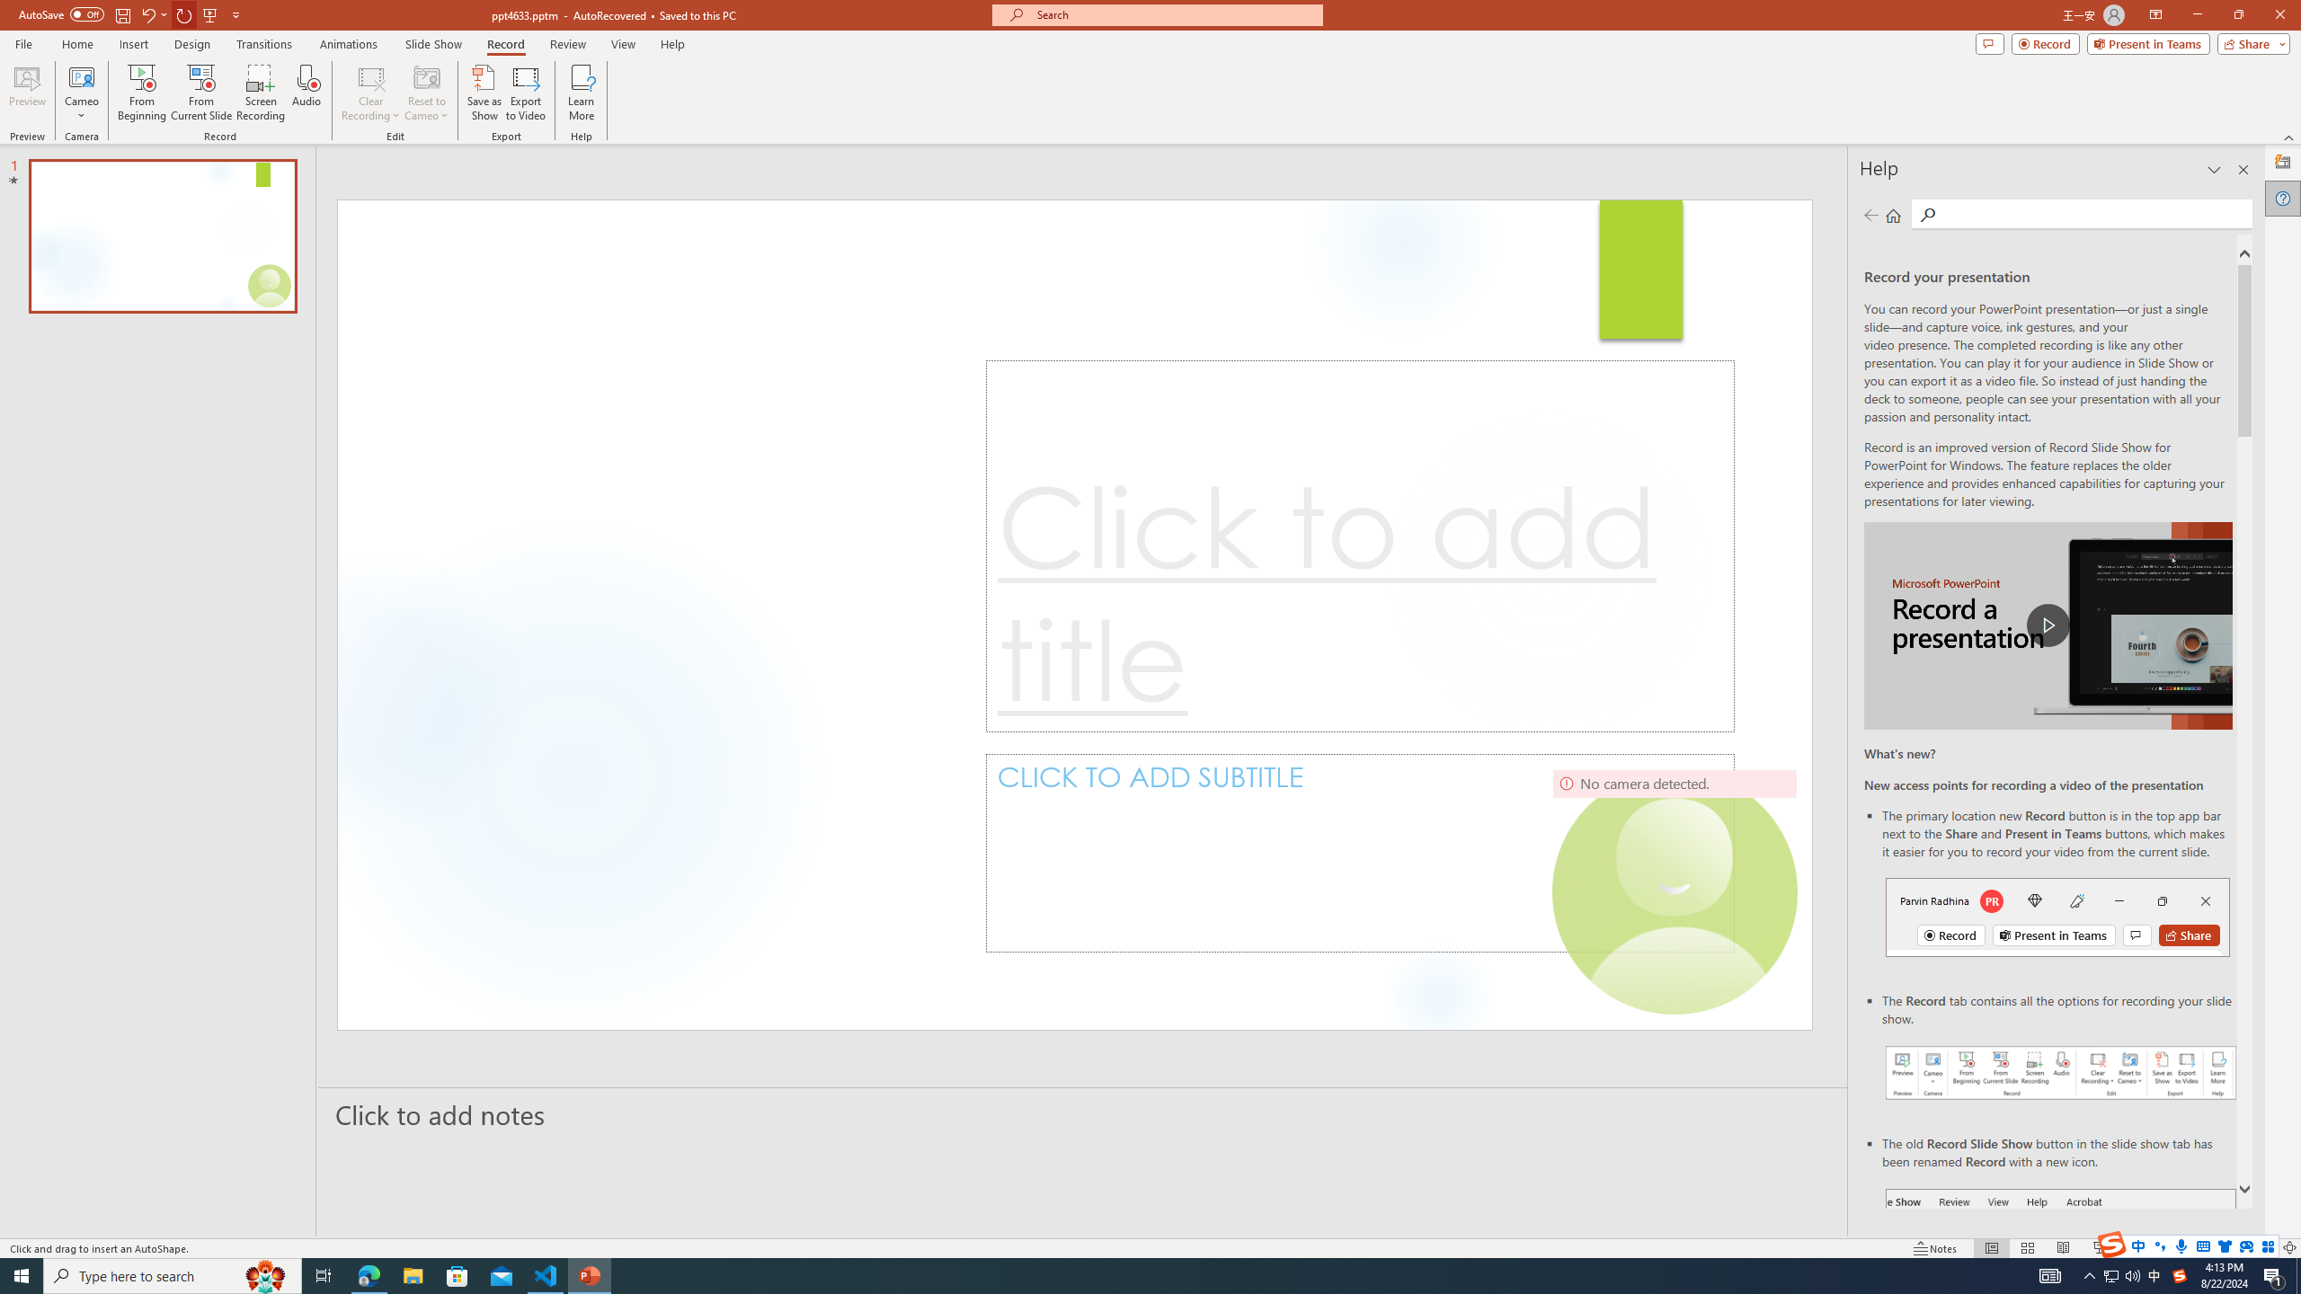 Image resolution: width=2301 pixels, height=1294 pixels. I want to click on 'Reading View', so click(2063, 1248).